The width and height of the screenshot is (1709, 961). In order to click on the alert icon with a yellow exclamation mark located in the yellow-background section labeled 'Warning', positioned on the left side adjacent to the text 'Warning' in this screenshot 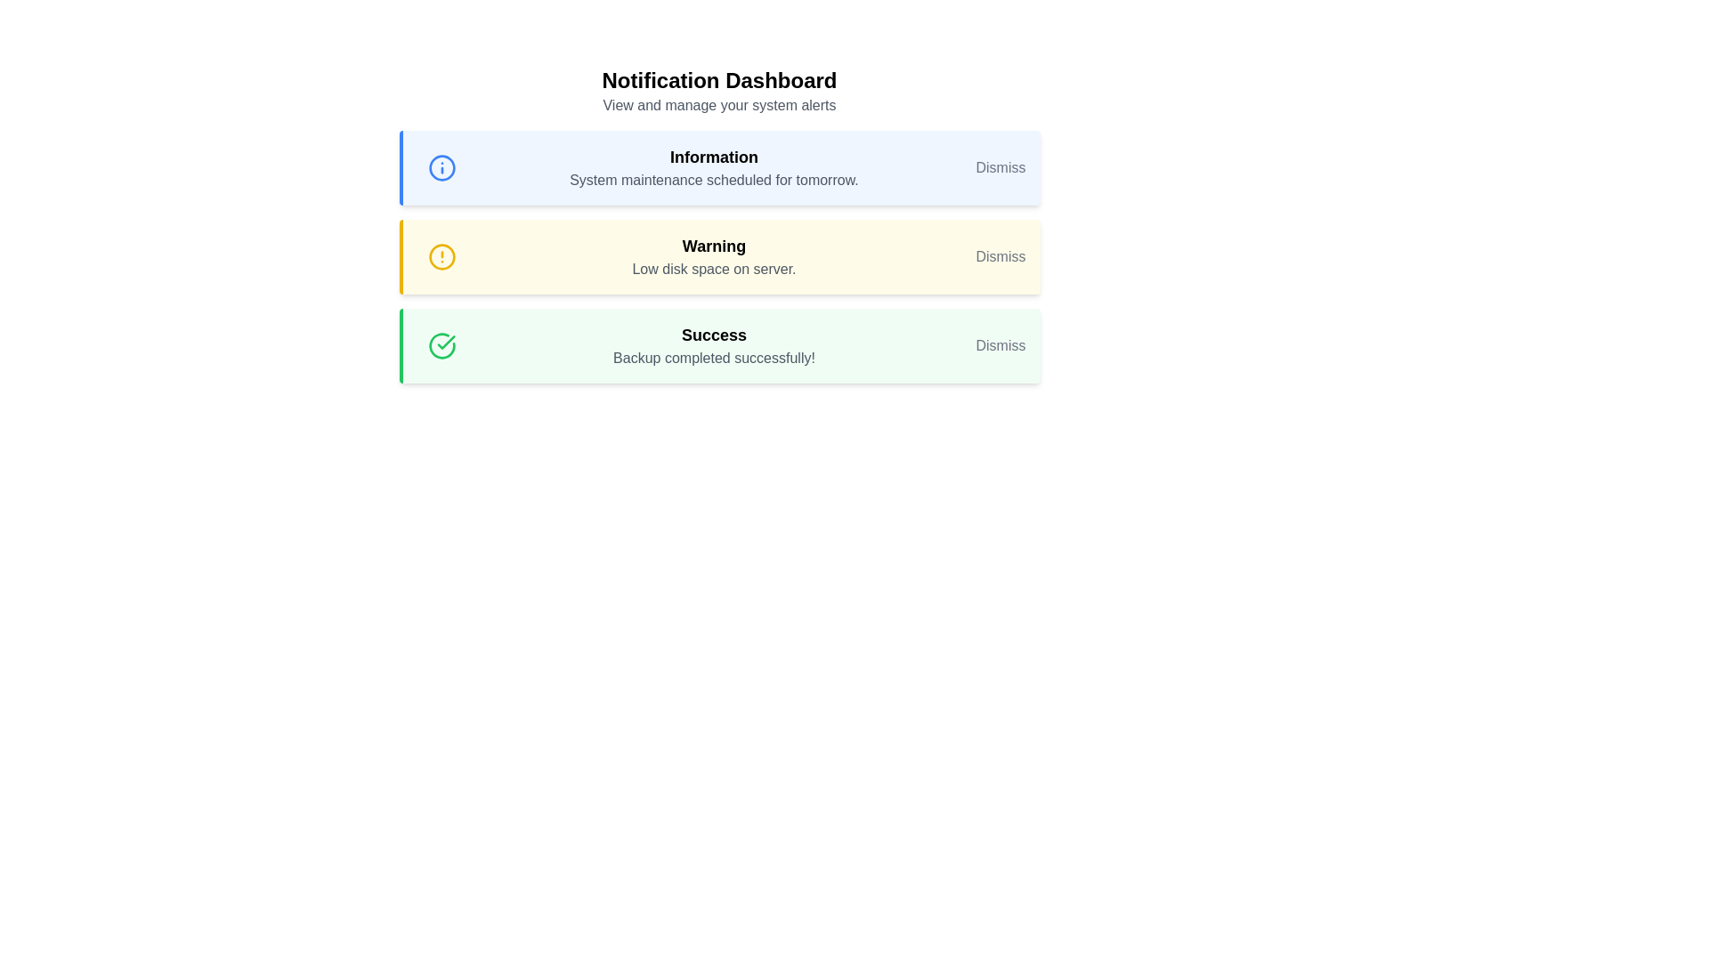, I will do `click(441, 257)`.